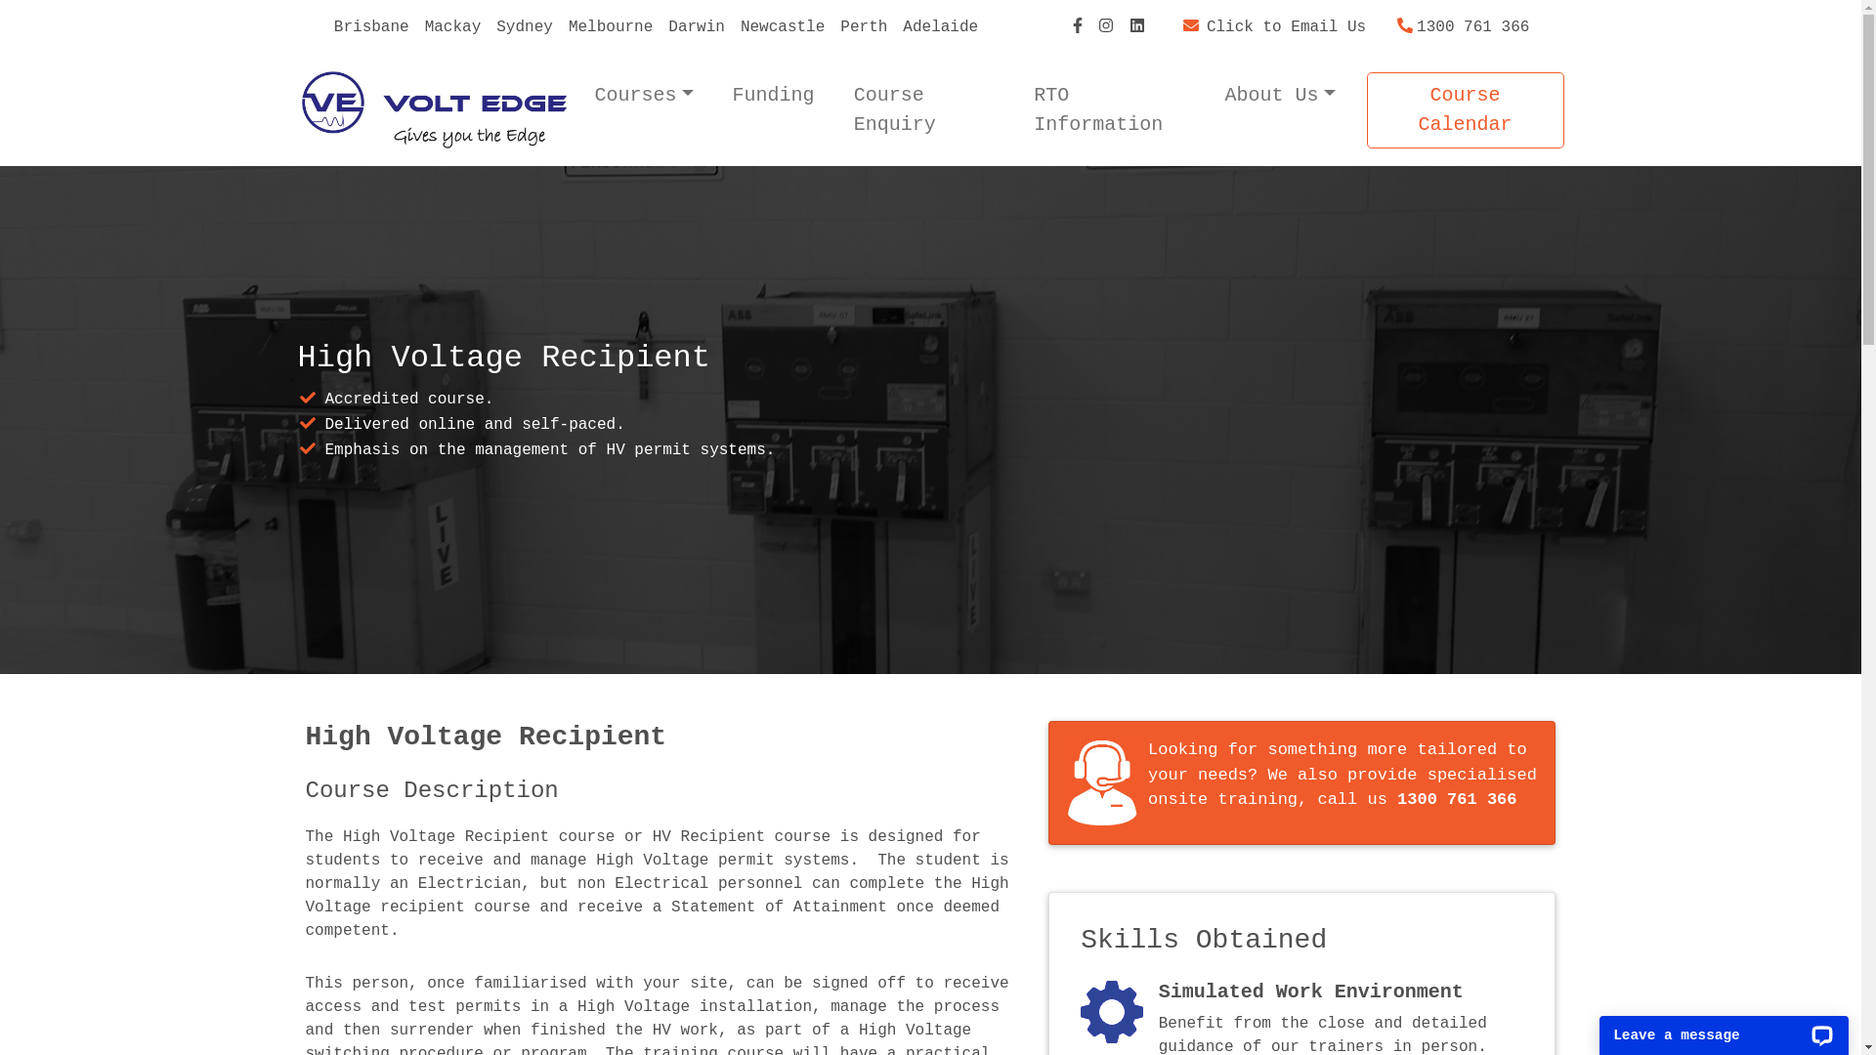 This screenshot has height=1055, width=1876. What do you see at coordinates (609, 26) in the screenshot?
I see `'Melbourne'` at bounding box center [609, 26].